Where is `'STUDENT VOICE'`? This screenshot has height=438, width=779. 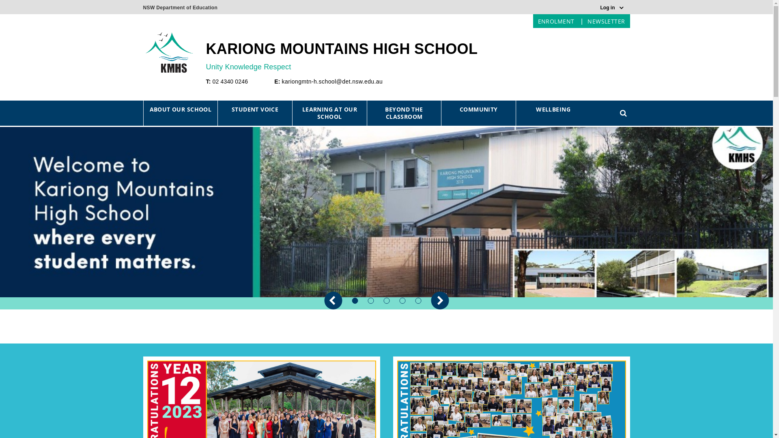 'STUDENT VOICE' is located at coordinates (254, 109).